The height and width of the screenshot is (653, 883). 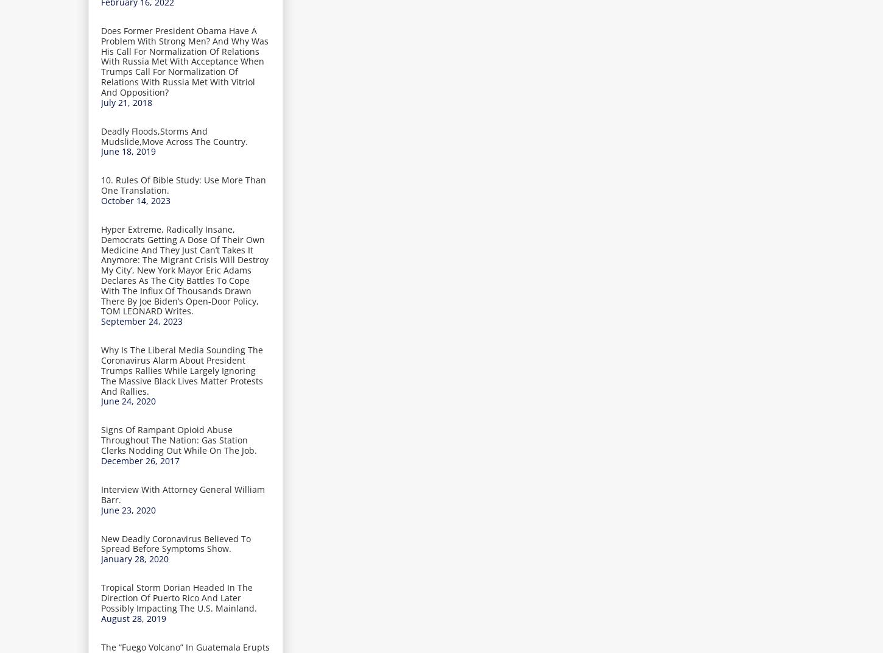 What do you see at coordinates (100, 101) in the screenshot?
I see `'July 21, 2018'` at bounding box center [100, 101].